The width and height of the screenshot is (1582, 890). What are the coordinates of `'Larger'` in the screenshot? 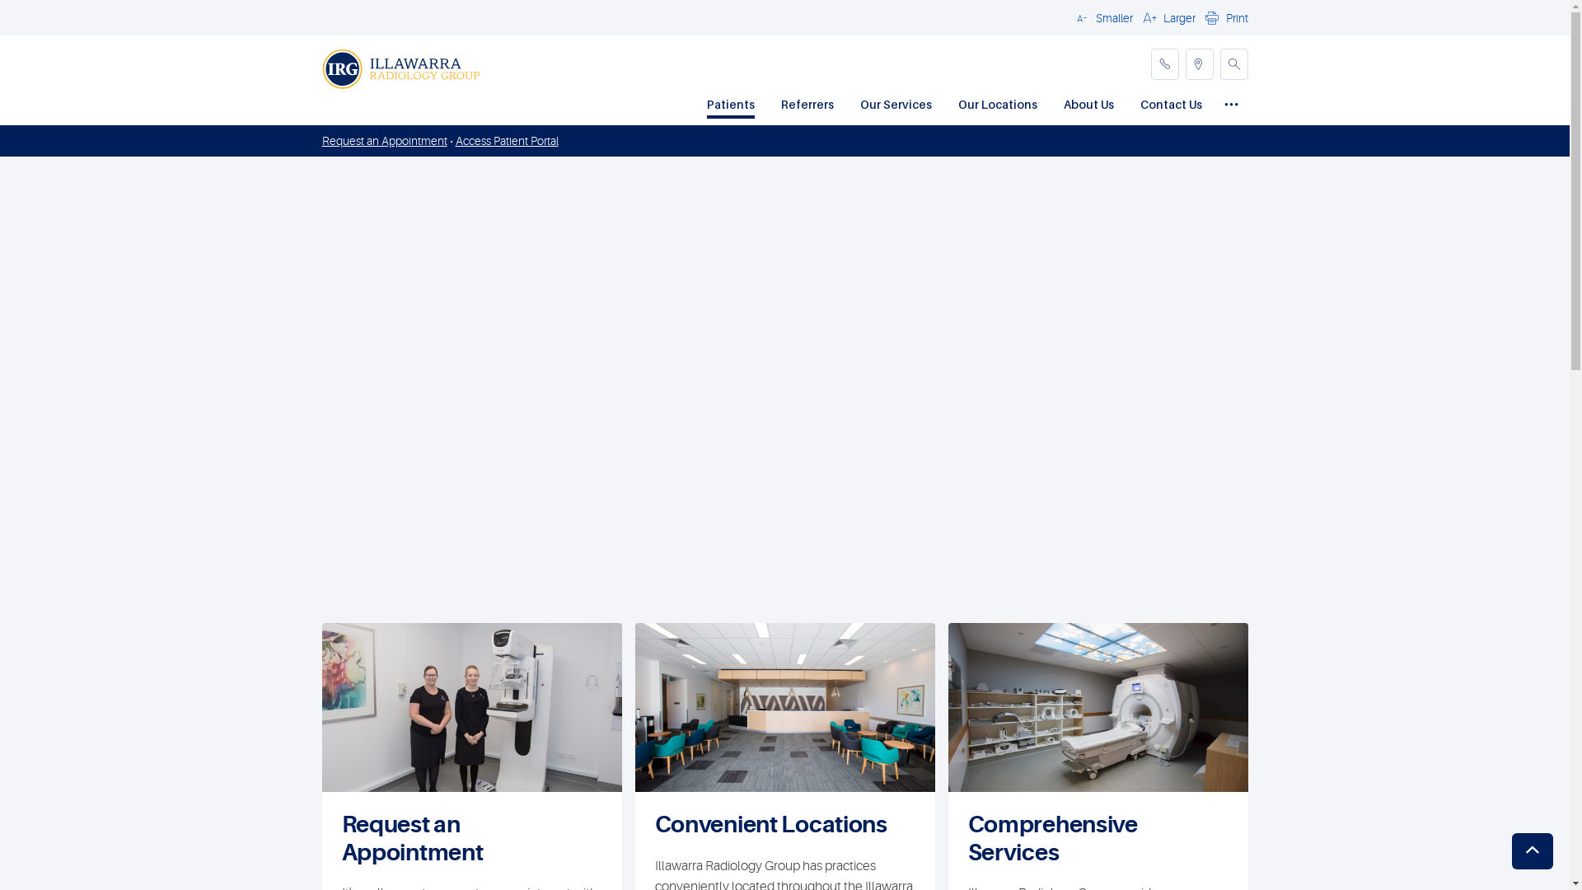 It's located at (1166, 16).